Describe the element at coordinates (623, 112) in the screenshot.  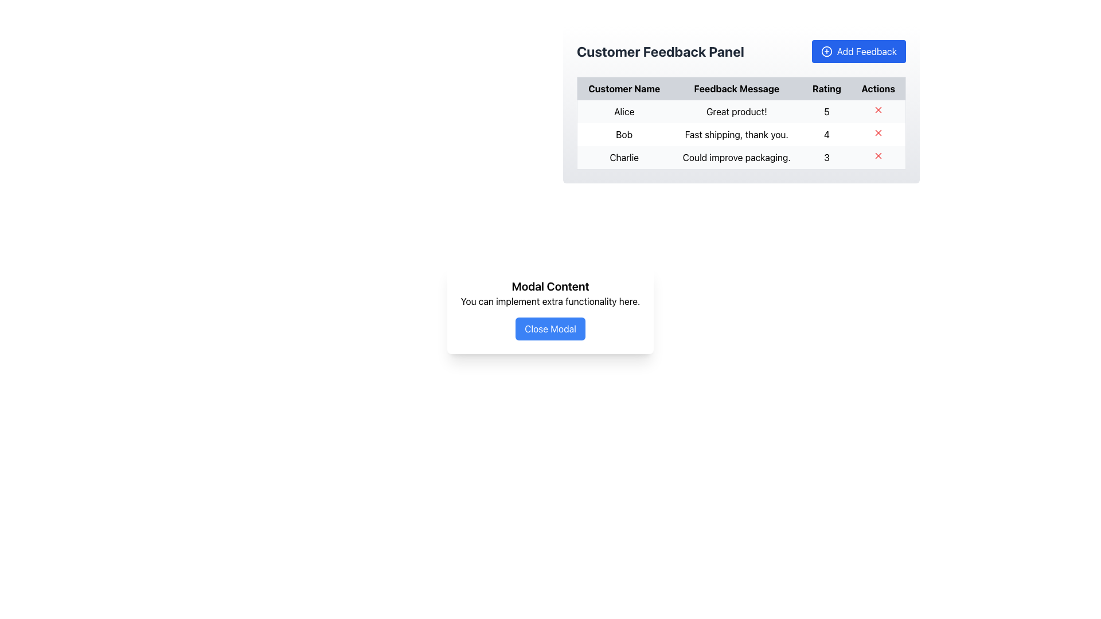
I see `the text element displaying 'Alice' in the 'Customer Name' column of the table` at that location.